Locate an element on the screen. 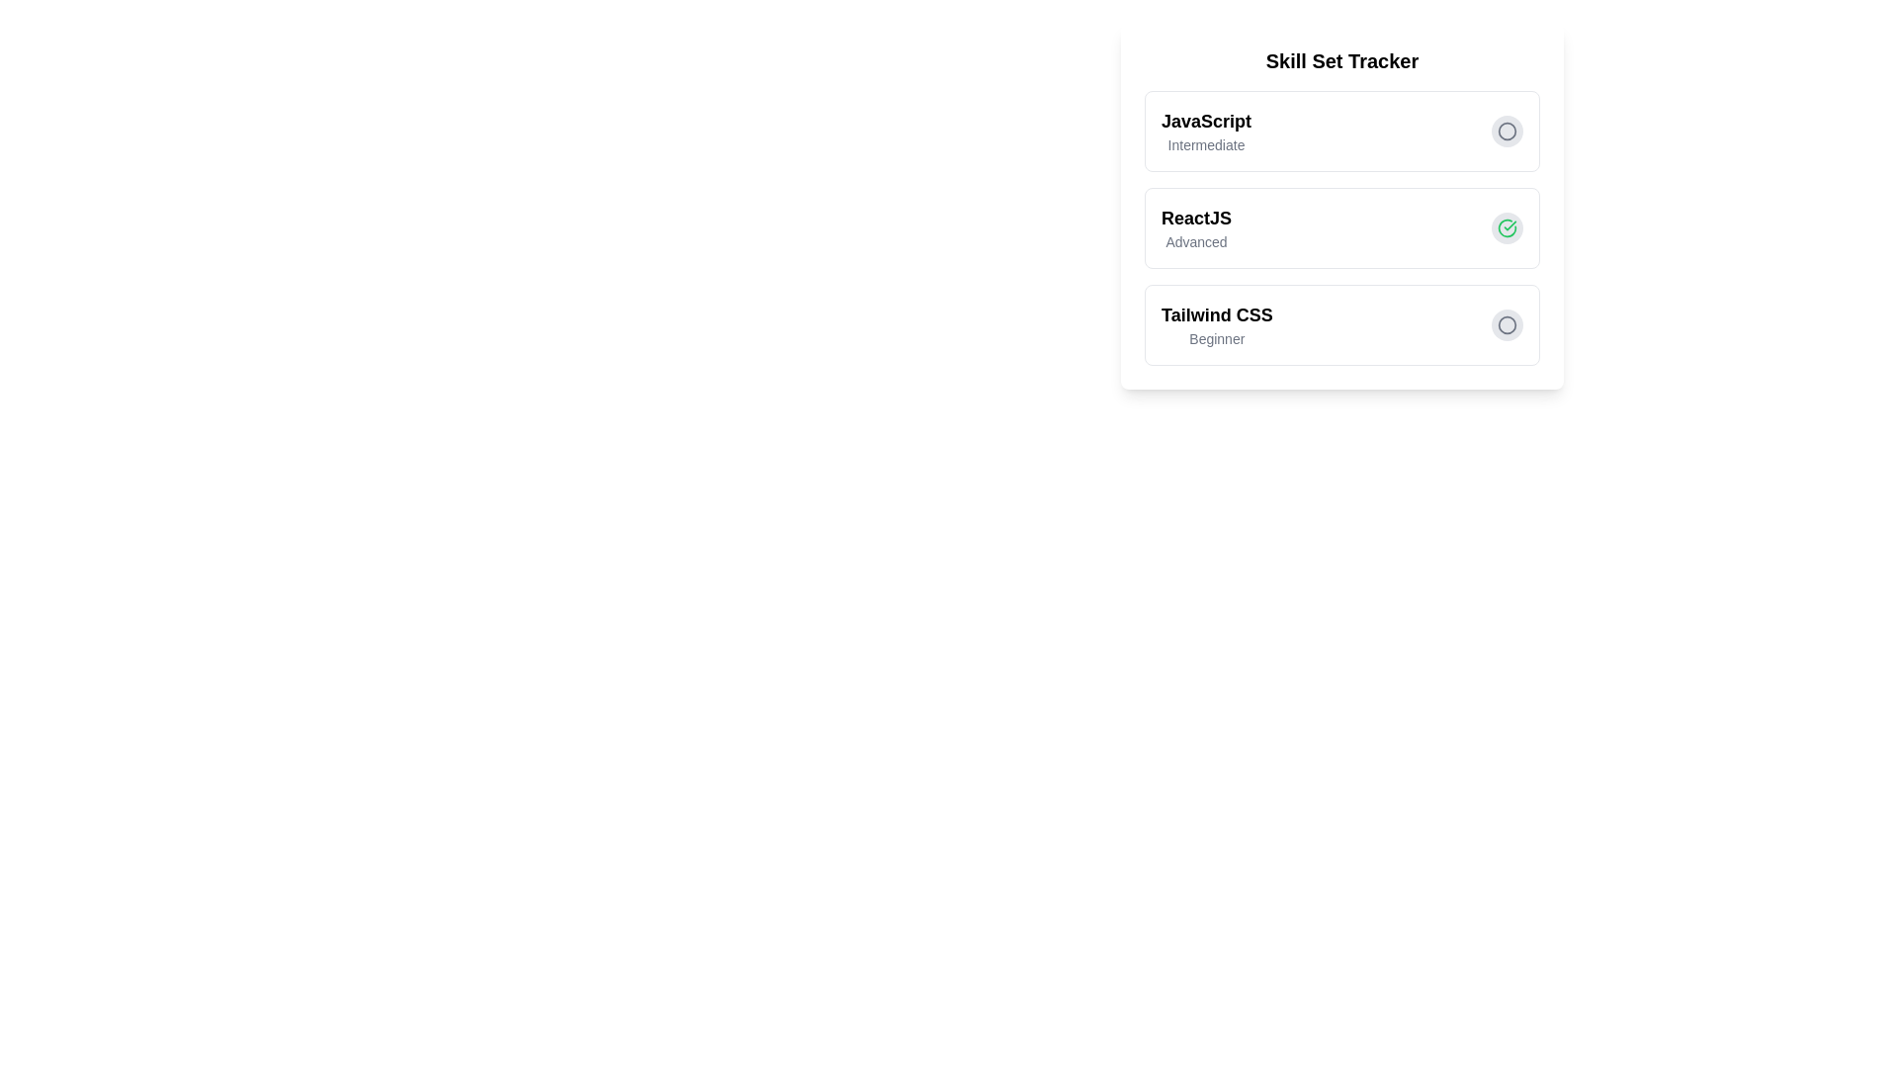  the status indicated by the circular icon with a green border and a checkmark, located within the second item of the 'Skill Set Tracker' list is located at coordinates (1507, 227).